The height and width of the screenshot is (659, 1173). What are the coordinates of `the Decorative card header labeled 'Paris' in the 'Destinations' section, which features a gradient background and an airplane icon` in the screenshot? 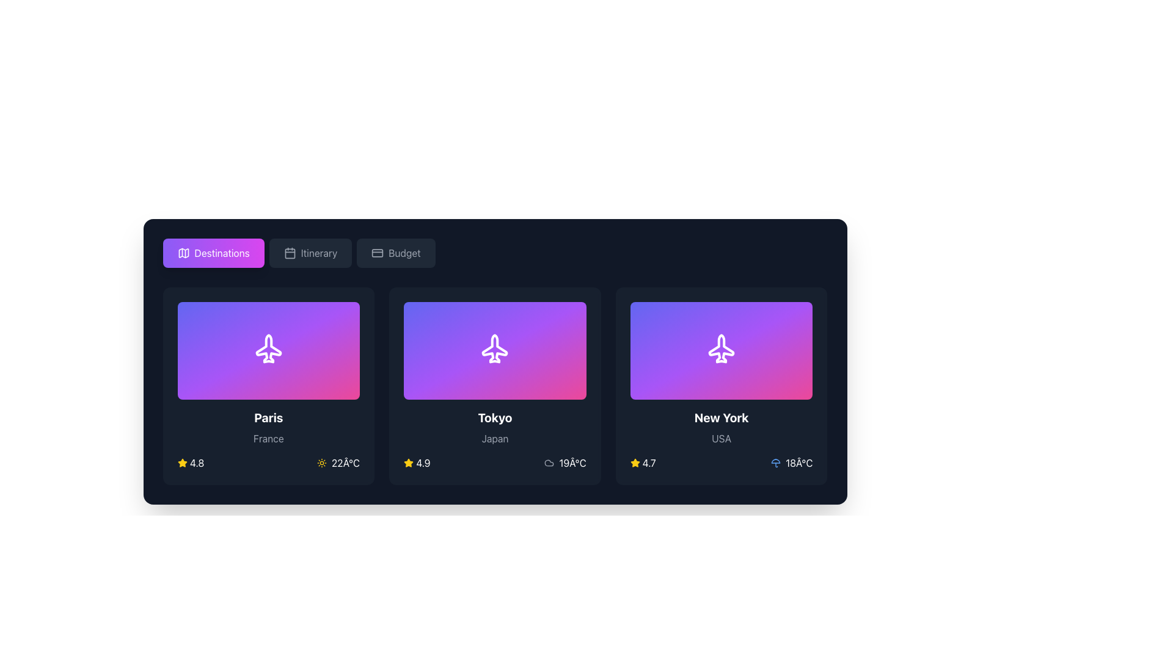 It's located at (268, 350).